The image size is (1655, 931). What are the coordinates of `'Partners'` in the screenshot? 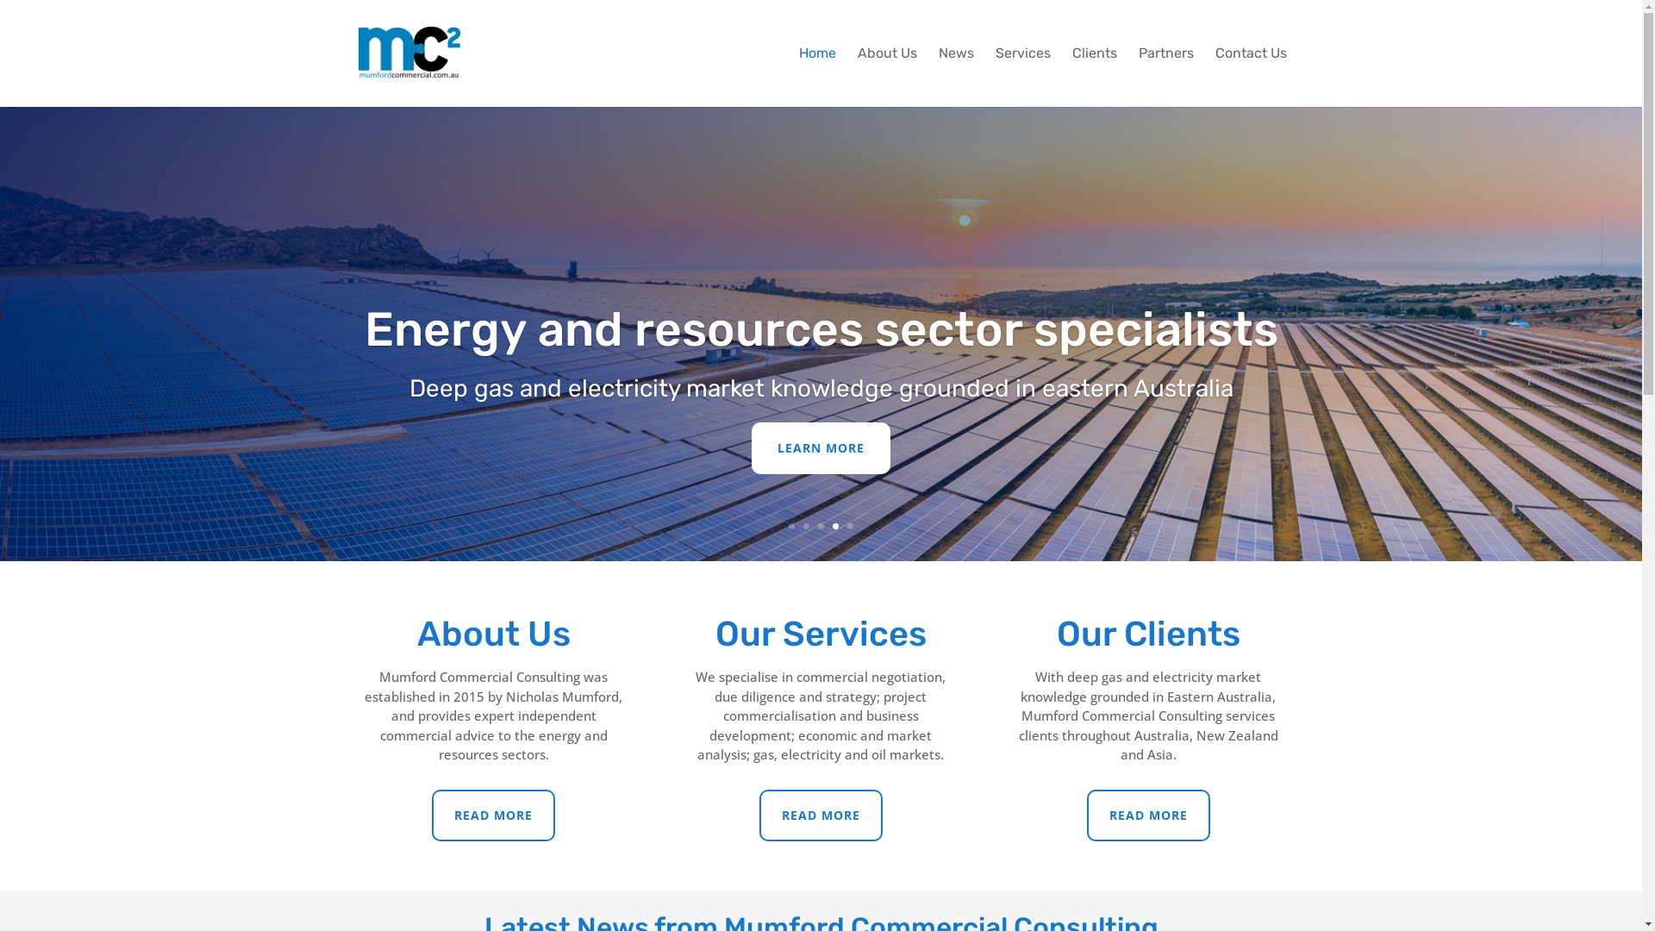 It's located at (1138, 76).